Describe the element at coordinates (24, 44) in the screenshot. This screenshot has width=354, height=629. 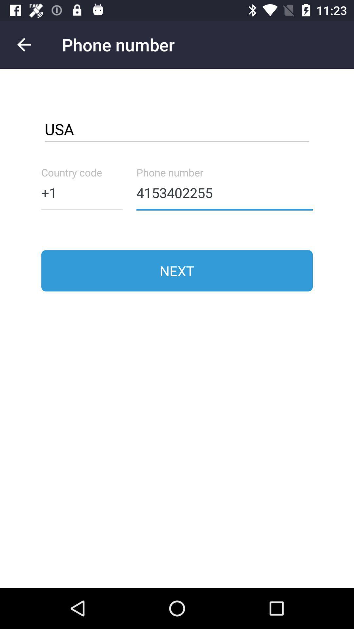
I see `go back` at that location.